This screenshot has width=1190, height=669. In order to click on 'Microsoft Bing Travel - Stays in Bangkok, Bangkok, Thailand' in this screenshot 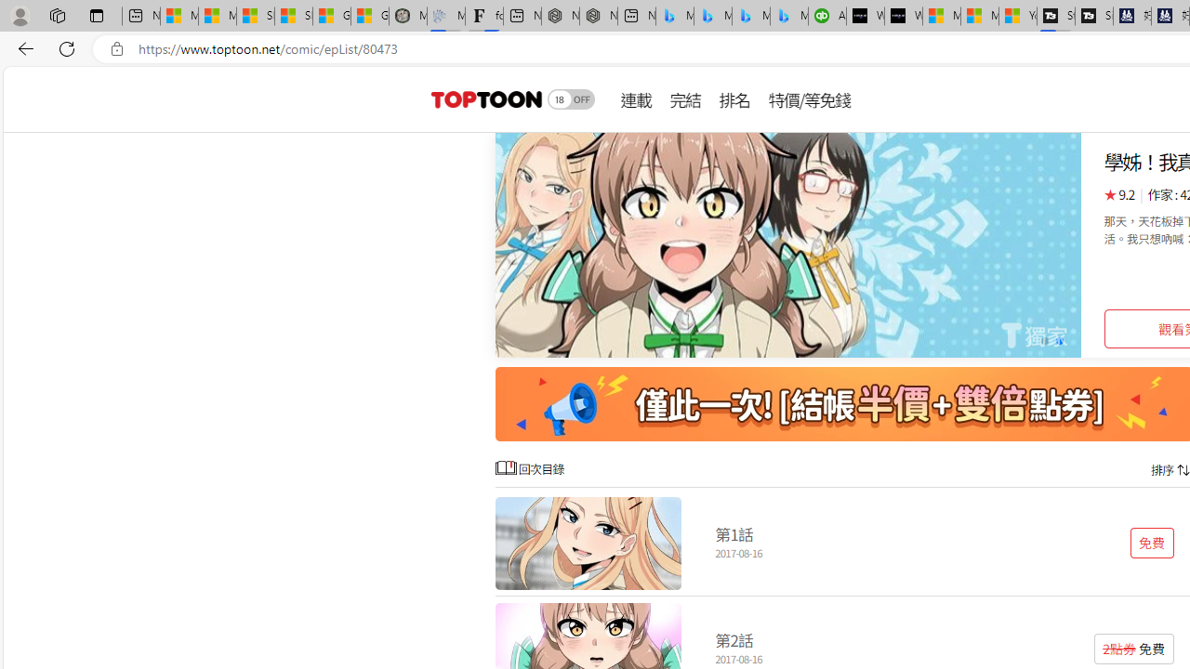, I will do `click(712, 16)`.